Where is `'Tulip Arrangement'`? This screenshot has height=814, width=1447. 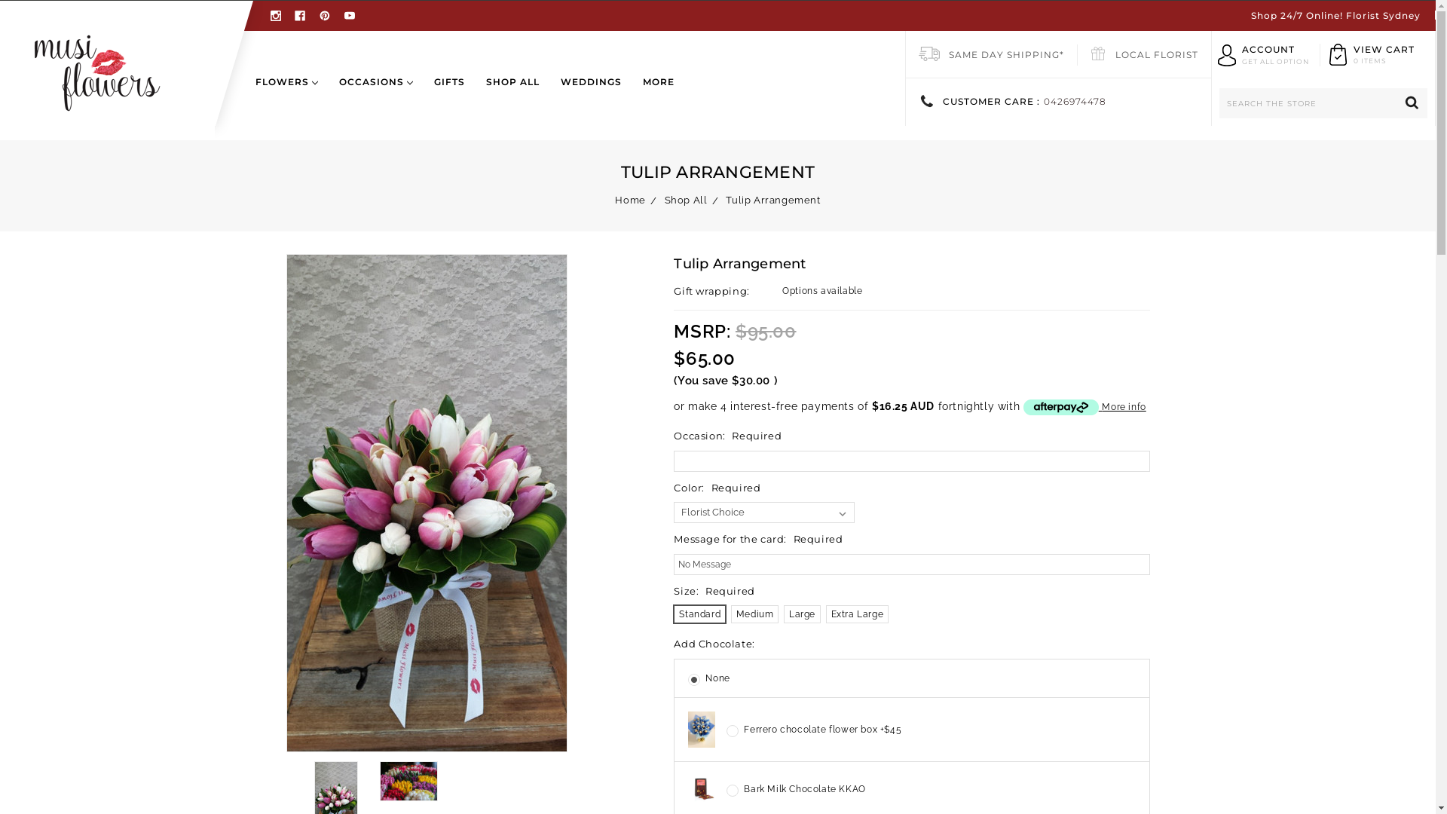
'Tulip Arrangement' is located at coordinates (286, 503).